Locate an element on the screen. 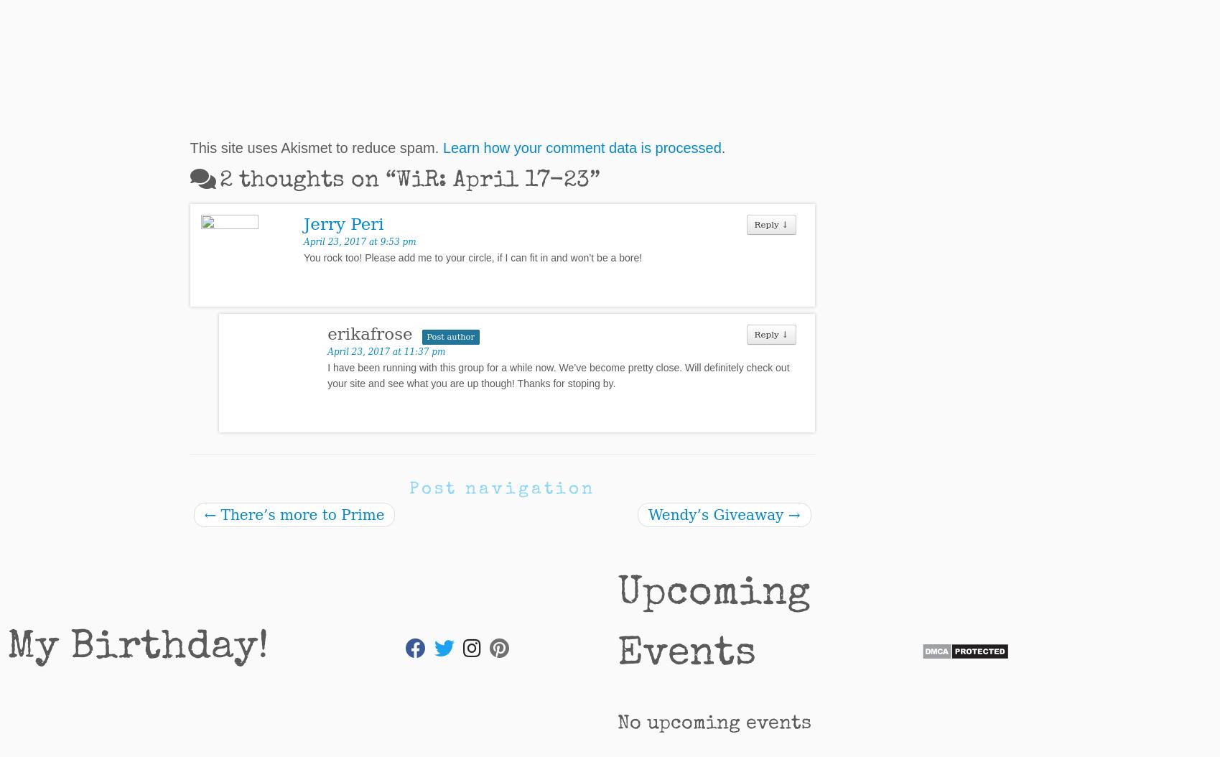 This screenshot has height=757, width=1220. 'No upcoming events' is located at coordinates (714, 723).